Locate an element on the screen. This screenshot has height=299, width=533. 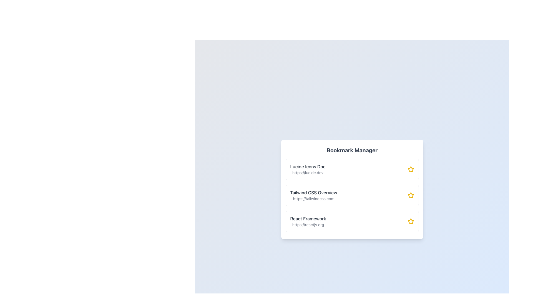
the Interactive icon on the right side of the item labeled 'Lucide Icons Doc' in the 'Bookmark Manager' is located at coordinates (410, 169).